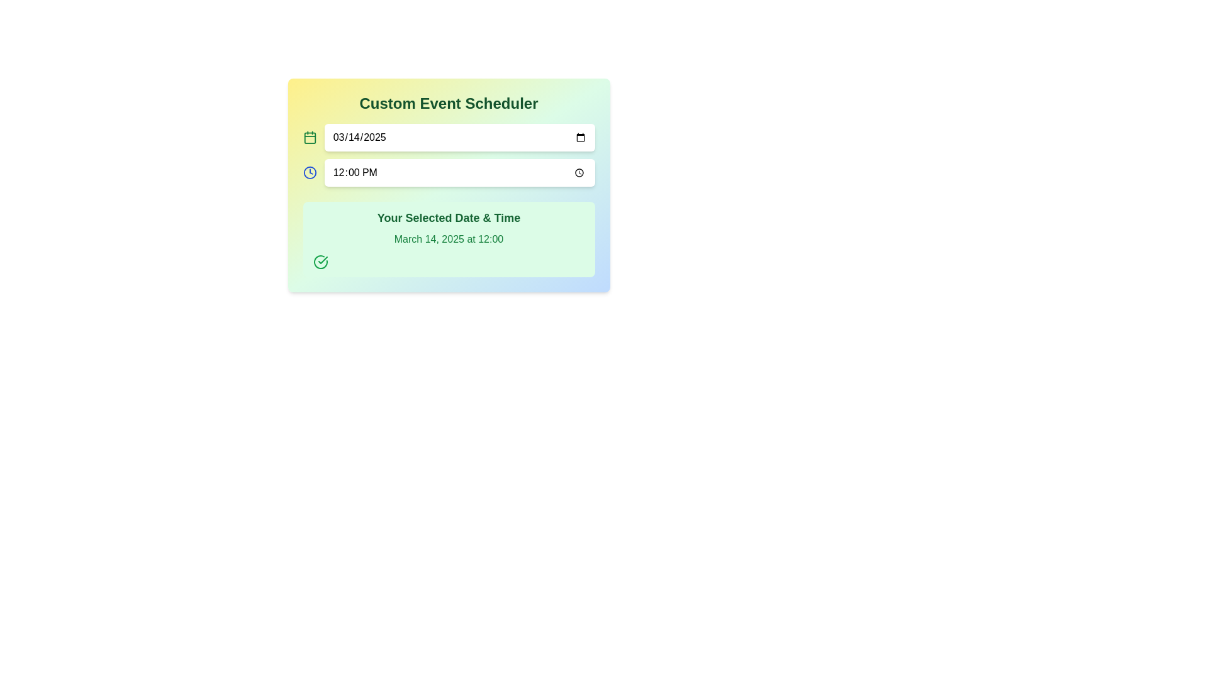 Image resolution: width=1208 pixels, height=679 pixels. I want to click on the time input field displaying '12:00' in the Custom Event Scheduler component, so click(459, 172).